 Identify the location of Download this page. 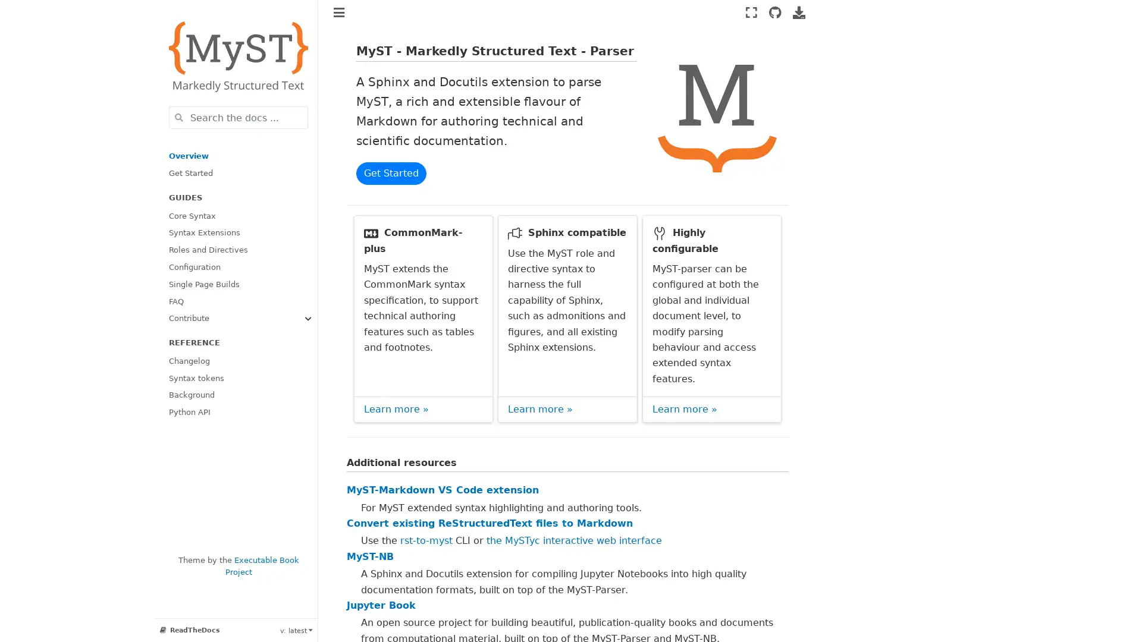
(799, 12).